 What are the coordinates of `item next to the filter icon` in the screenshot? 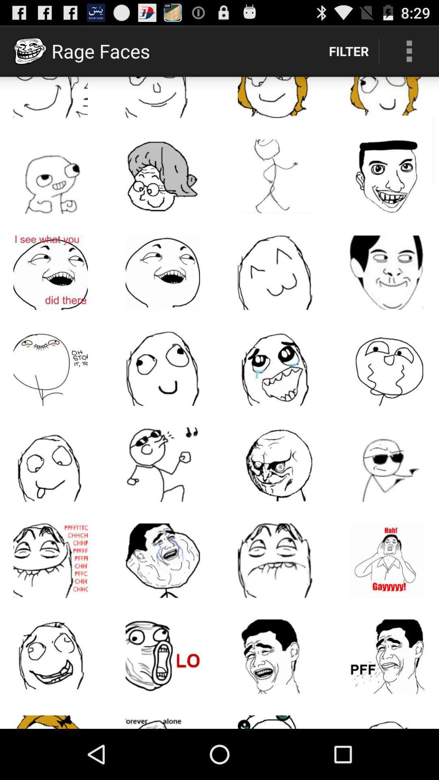 It's located at (409, 50).